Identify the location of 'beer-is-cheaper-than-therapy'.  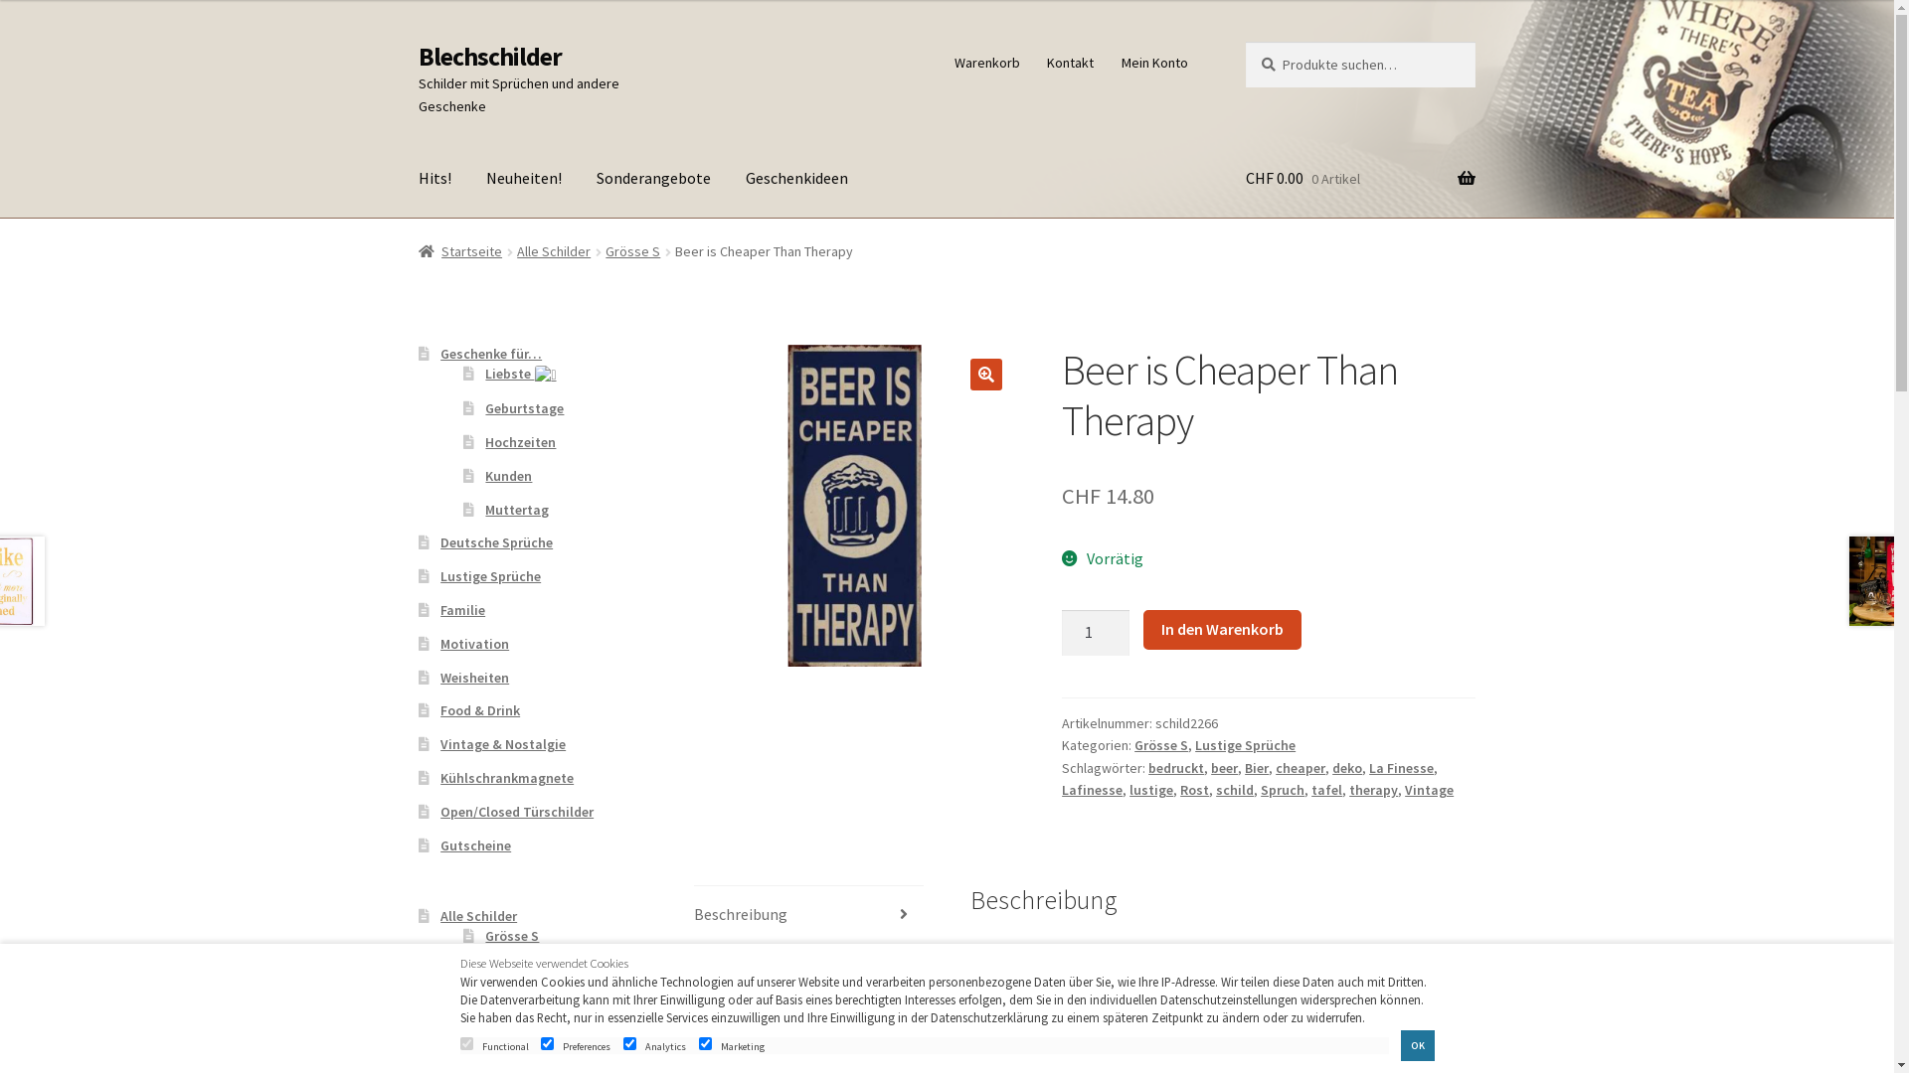
(854, 505).